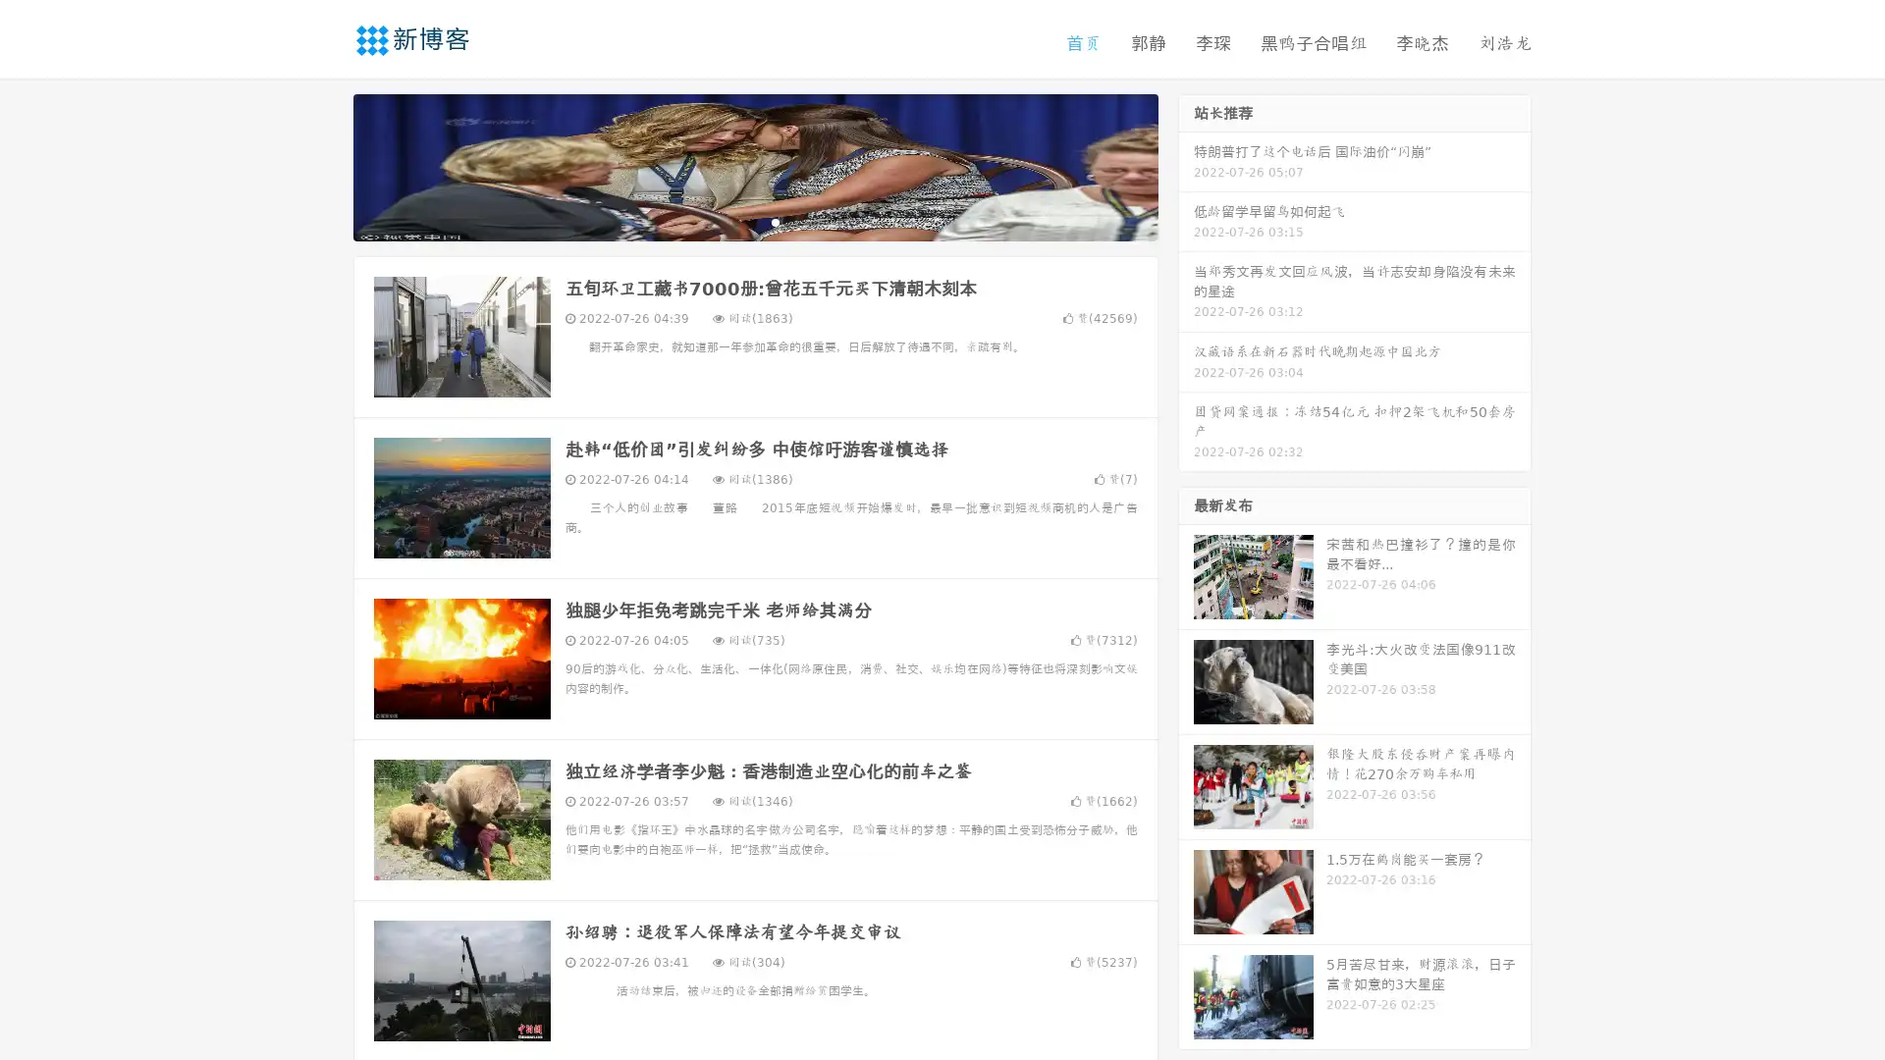 The height and width of the screenshot is (1060, 1885). Describe the element at coordinates (1186, 165) in the screenshot. I see `Next slide` at that location.